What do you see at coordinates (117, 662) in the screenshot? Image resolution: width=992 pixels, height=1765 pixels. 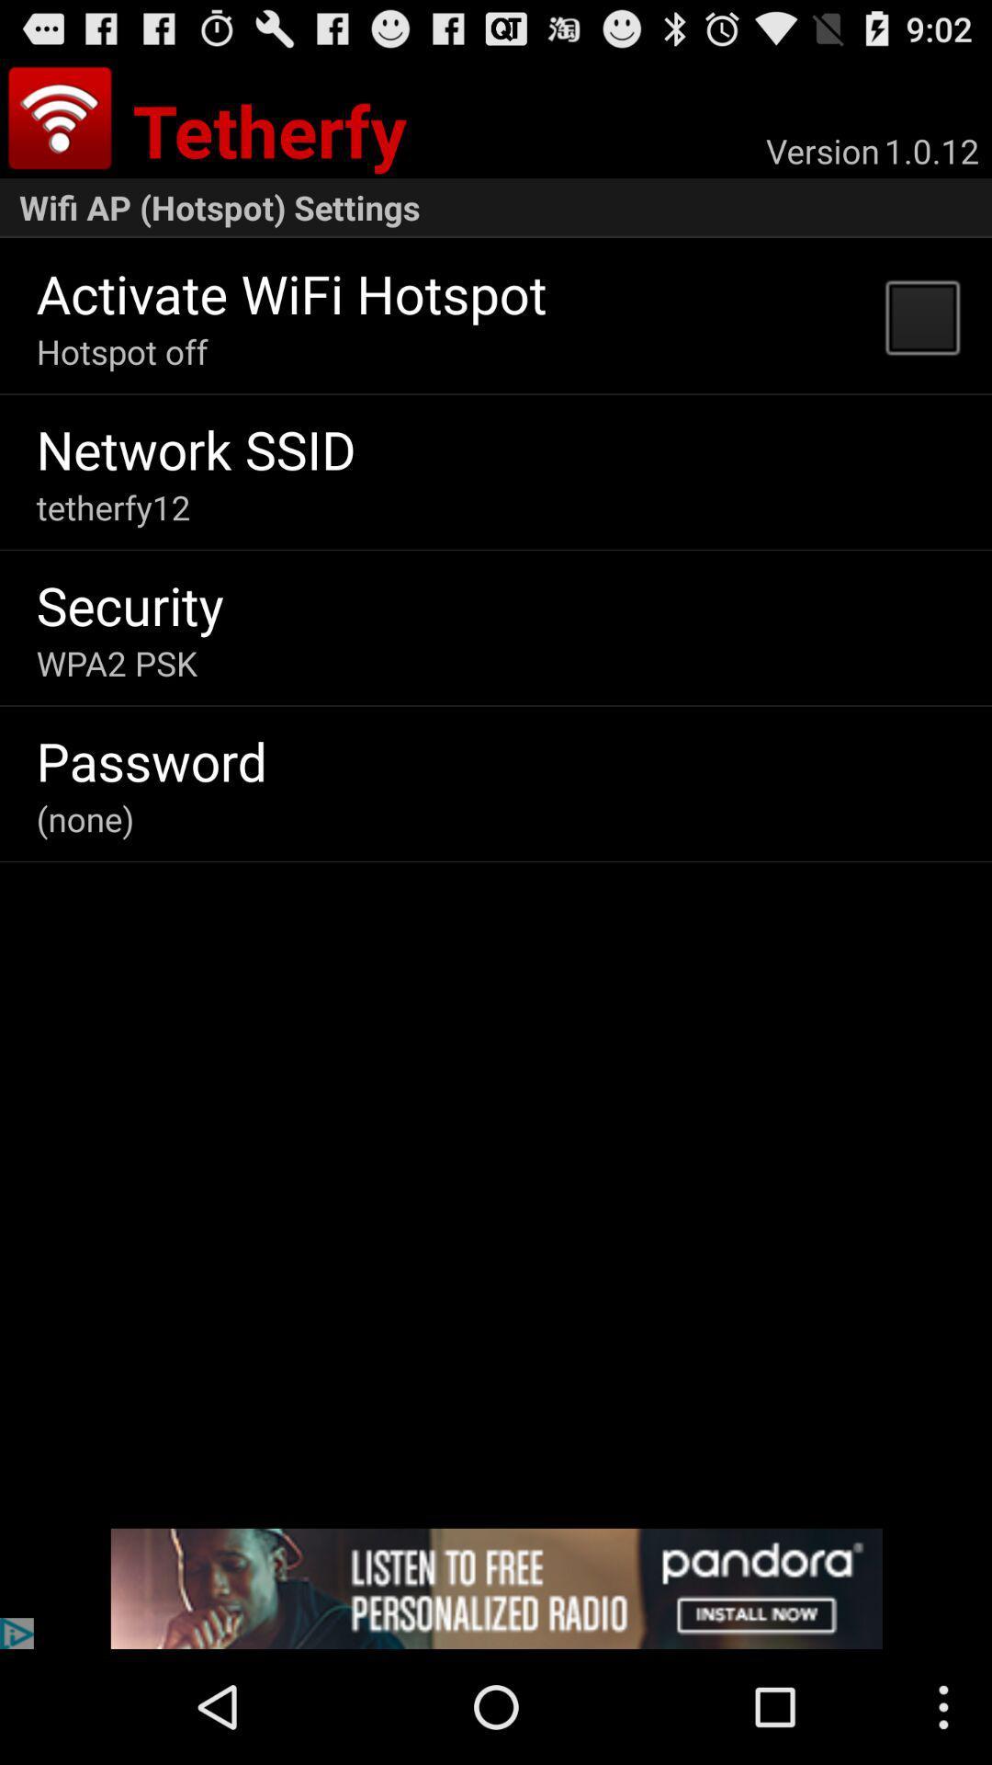 I see `the app below security` at bounding box center [117, 662].